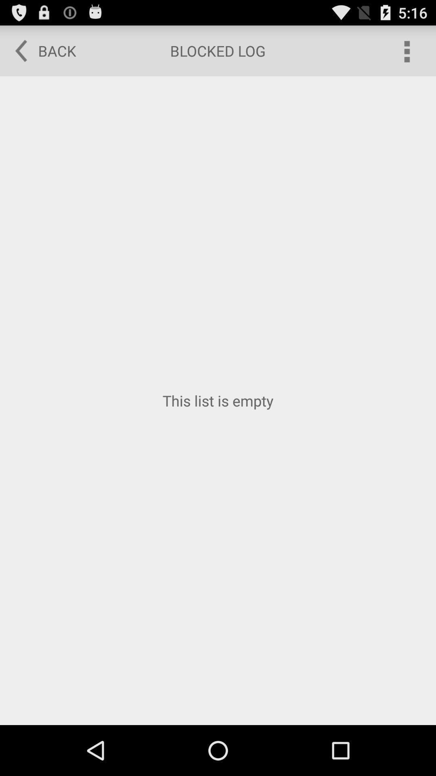 This screenshot has height=776, width=436. I want to click on the app to the right of the blocked log app, so click(406, 50).